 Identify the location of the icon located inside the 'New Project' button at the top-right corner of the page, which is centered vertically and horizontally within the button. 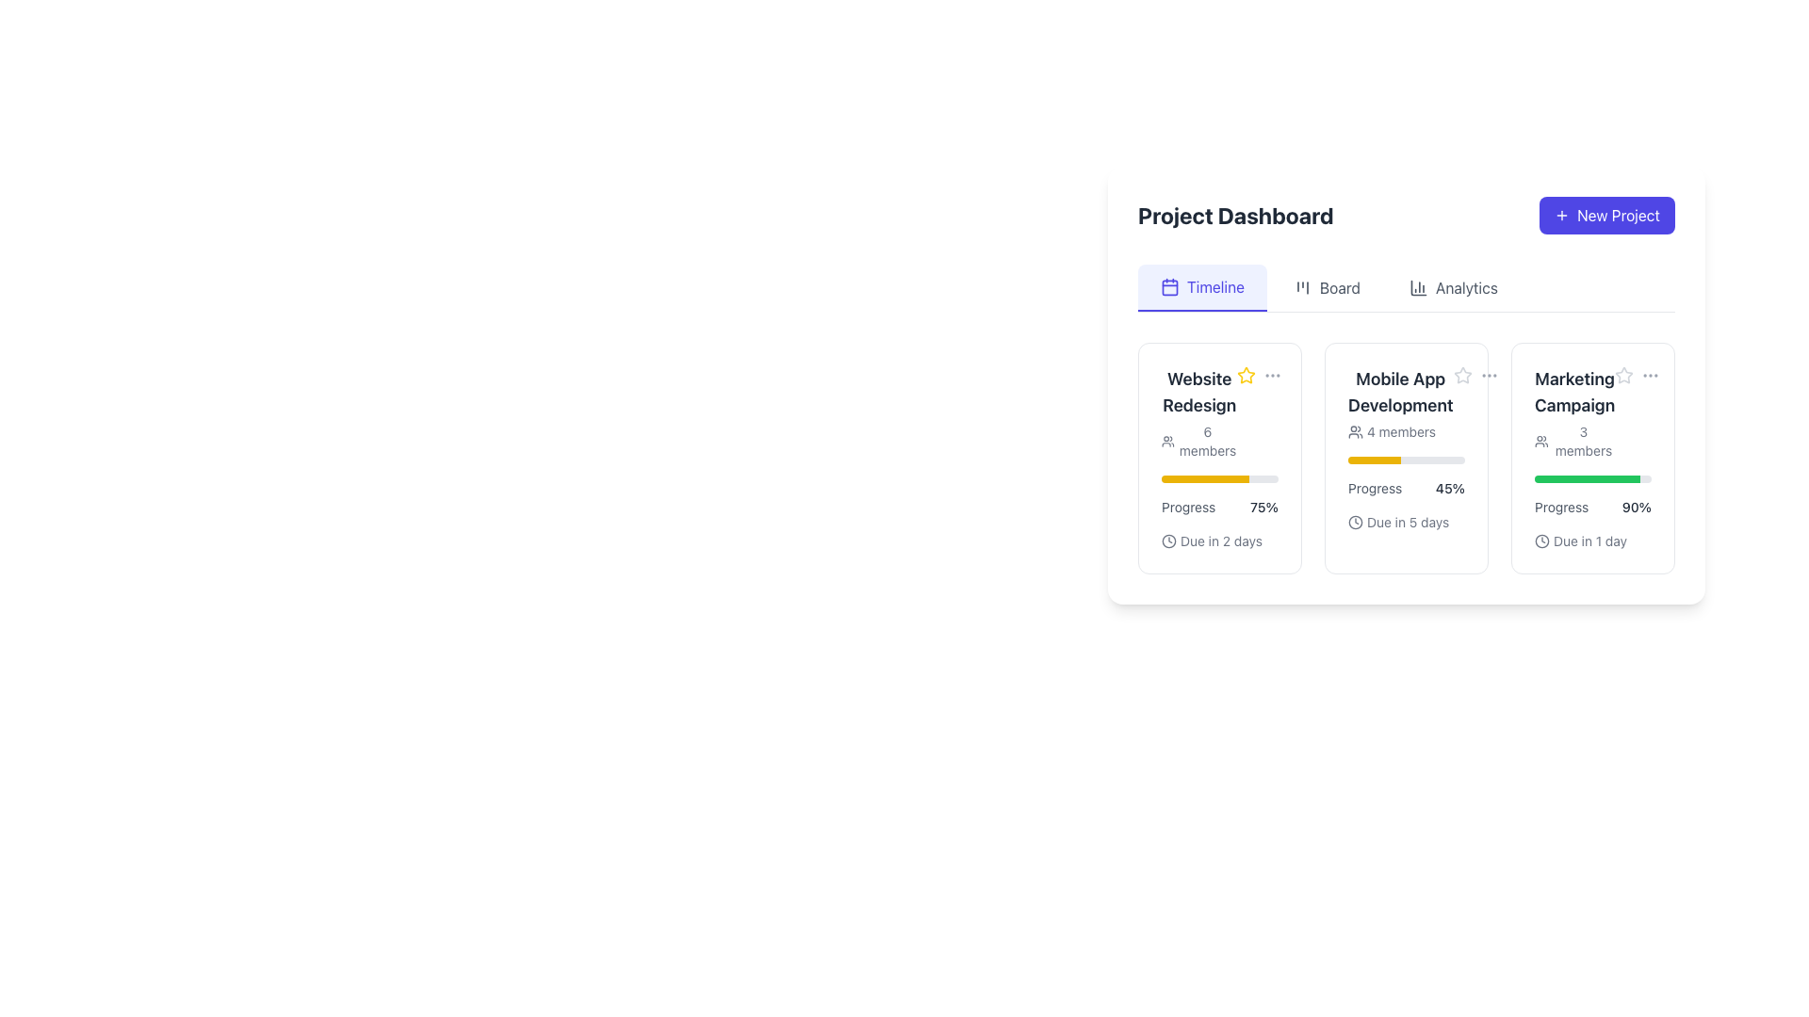
(1562, 214).